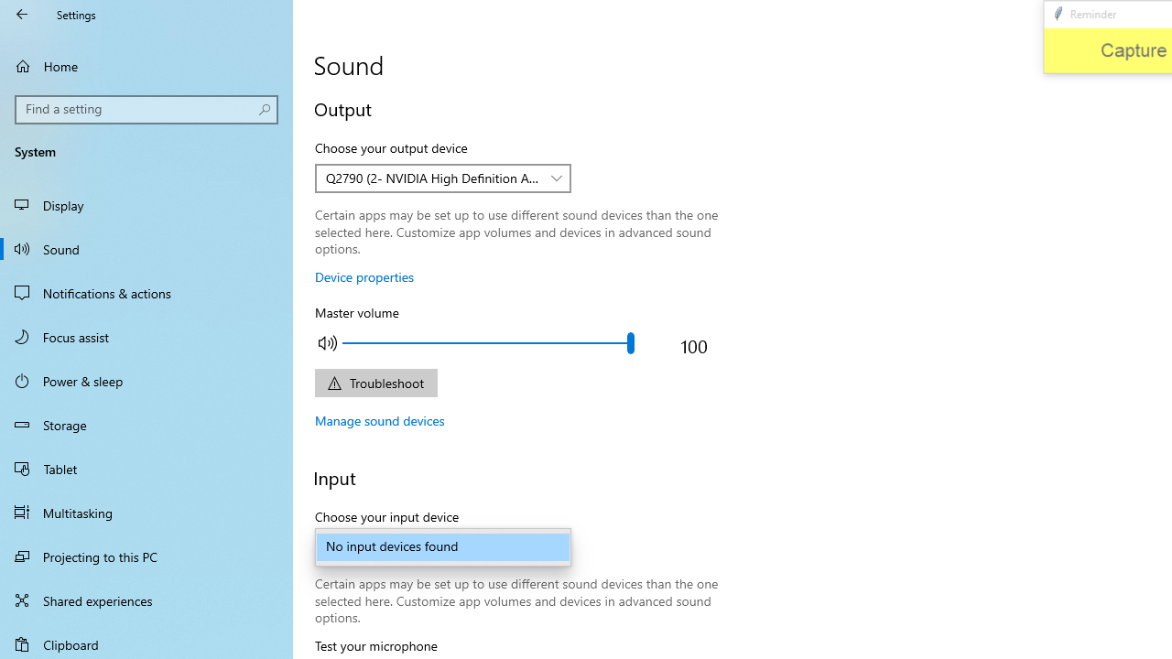 The height and width of the screenshot is (659, 1172). I want to click on 'Choose your input device', so click(443, 546).